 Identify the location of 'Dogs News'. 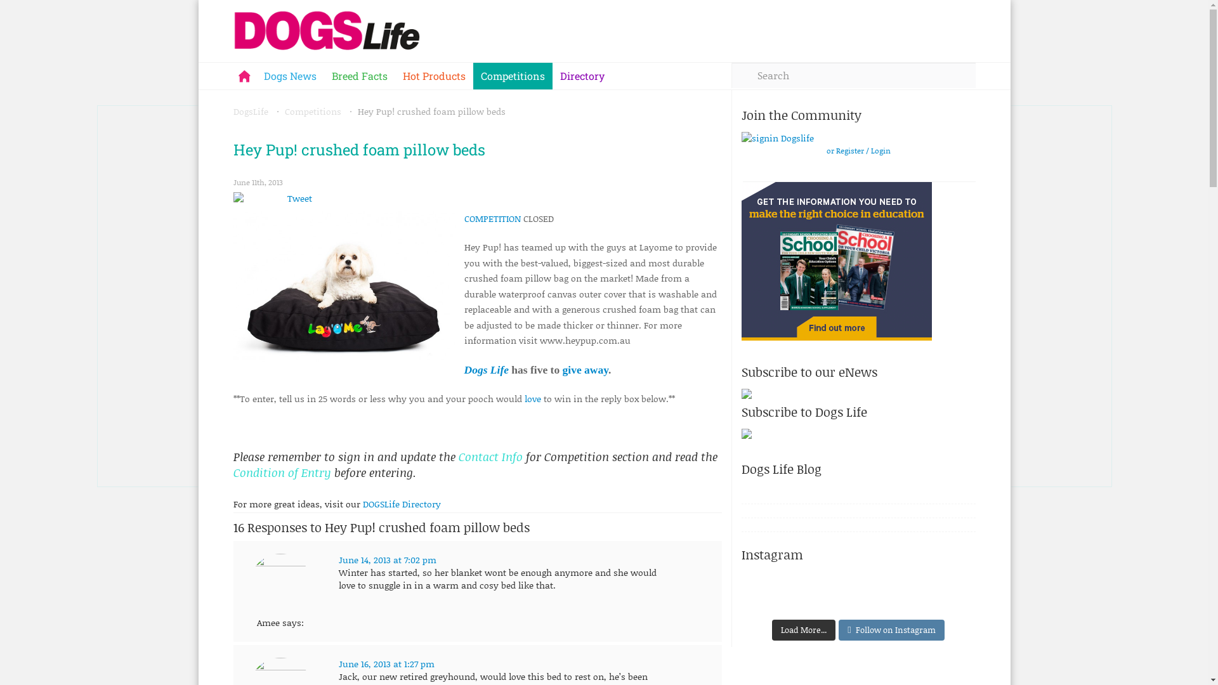
(255, 75).